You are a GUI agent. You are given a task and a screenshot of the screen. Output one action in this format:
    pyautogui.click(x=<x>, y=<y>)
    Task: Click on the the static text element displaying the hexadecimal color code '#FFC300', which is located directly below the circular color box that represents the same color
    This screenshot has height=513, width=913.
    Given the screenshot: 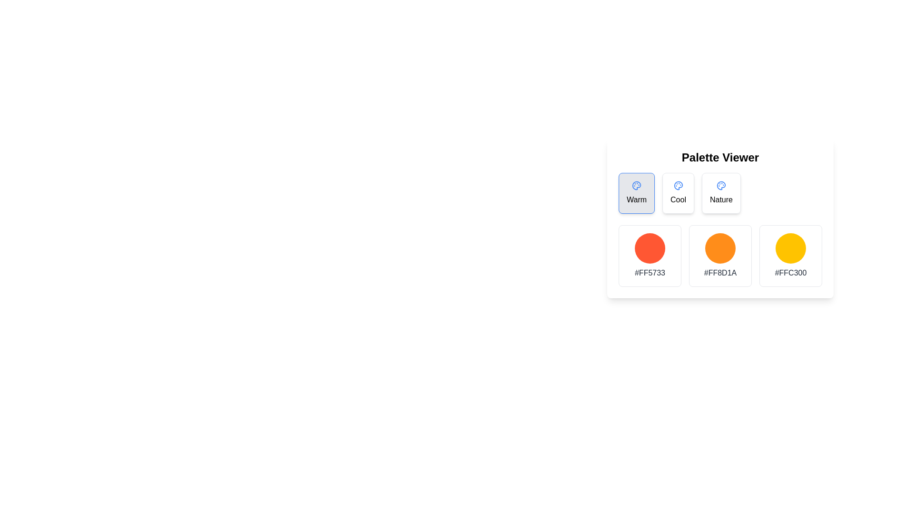 What is the action you would take?
    pyautogui.click(x=790, y=273)
    